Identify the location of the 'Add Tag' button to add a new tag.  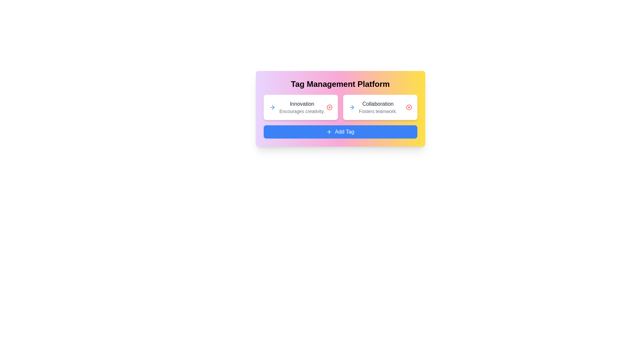
(340, 132).